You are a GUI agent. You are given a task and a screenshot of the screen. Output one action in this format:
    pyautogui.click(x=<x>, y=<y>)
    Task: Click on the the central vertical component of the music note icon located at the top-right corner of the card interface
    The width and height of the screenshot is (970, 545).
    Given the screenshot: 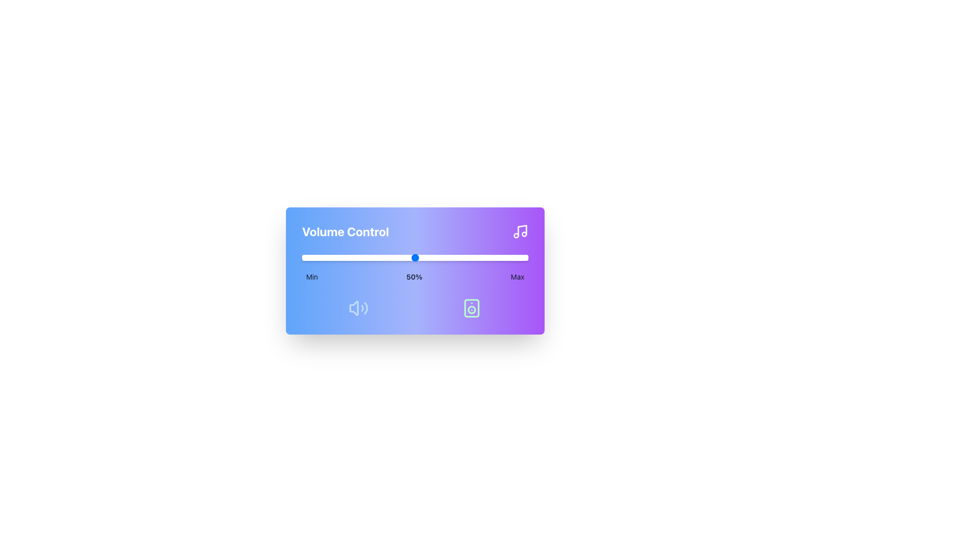 What is the action you would take?
    pyautogui.click(x=522, y=230)
    